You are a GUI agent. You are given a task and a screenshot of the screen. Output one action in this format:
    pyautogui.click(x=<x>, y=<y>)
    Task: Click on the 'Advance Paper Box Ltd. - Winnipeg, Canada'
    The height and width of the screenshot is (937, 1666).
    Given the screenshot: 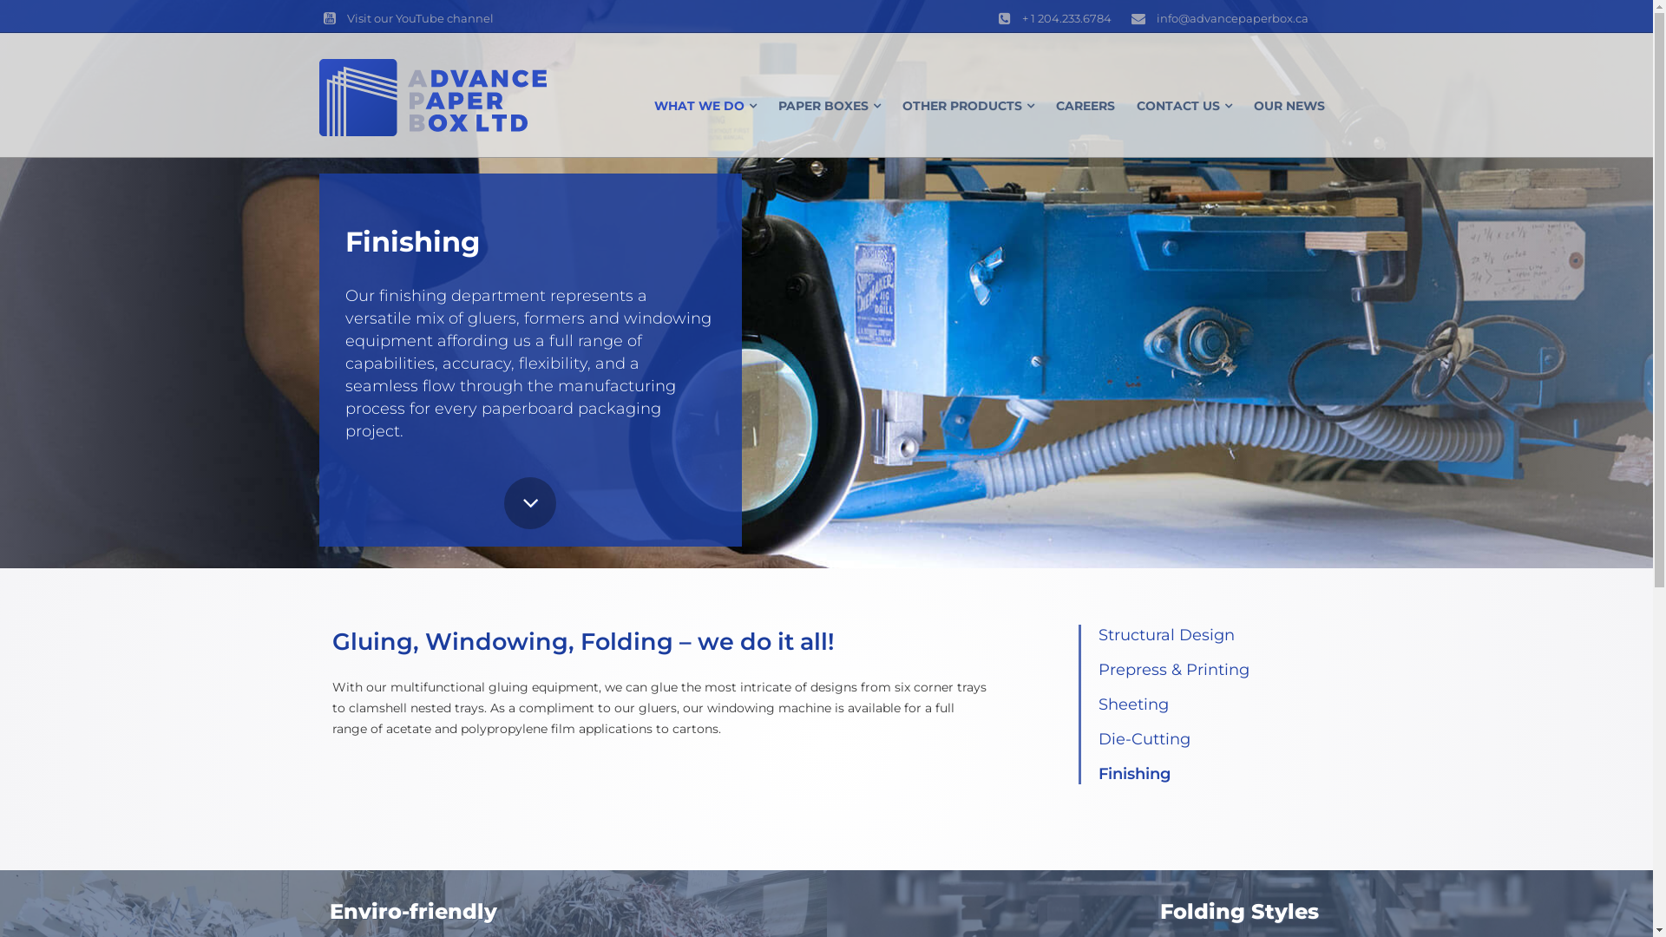 What is the action you would take?
    pyautogui.click(x=433, y=96)
    